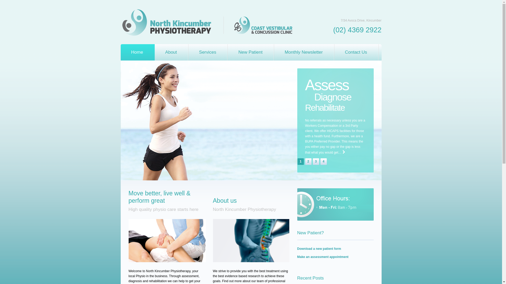 The width and height of the screenshot is (506, 284). Describe the element at coordinates (357, 52) in the screenshot. I see `'Contact Us'` at that location.